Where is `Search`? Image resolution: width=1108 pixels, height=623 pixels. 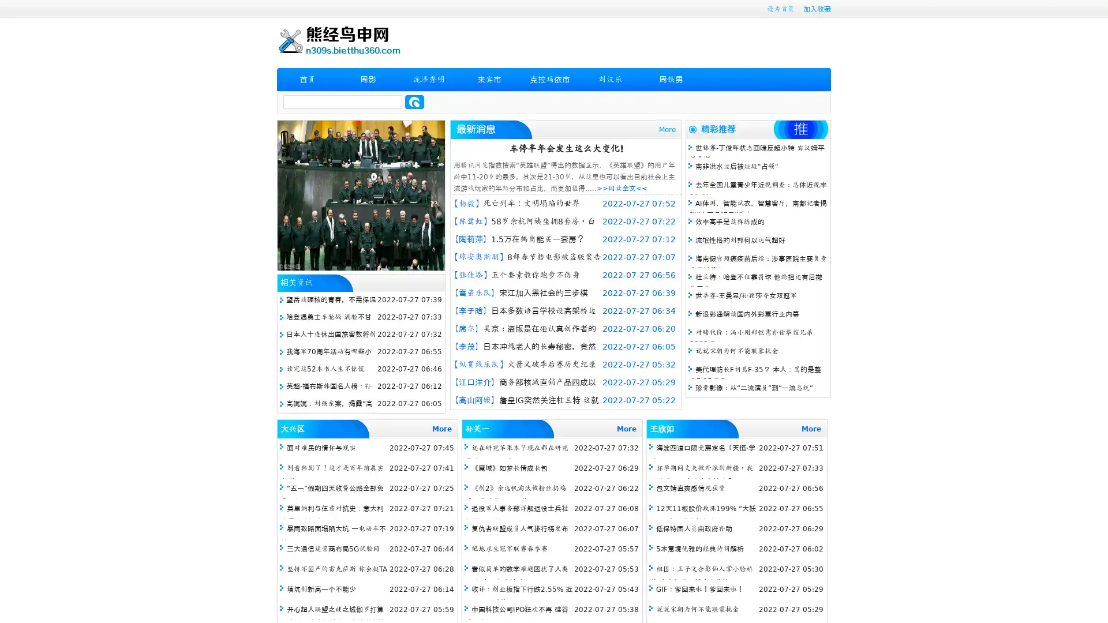 Search is located at coordinates (414, 102).